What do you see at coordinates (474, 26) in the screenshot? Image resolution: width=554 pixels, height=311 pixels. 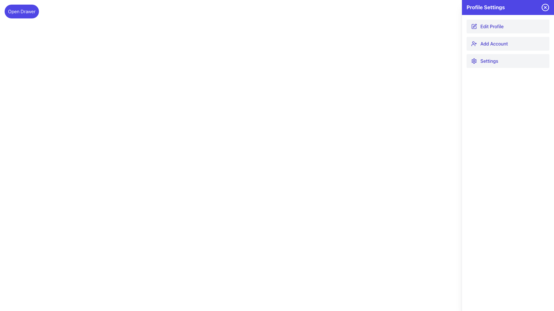 I see `the decorative vector graphic icon that is left-aligned with the 'Edit Profile' label in the 'Profile Settings' section` at bounding box center [474, 26].